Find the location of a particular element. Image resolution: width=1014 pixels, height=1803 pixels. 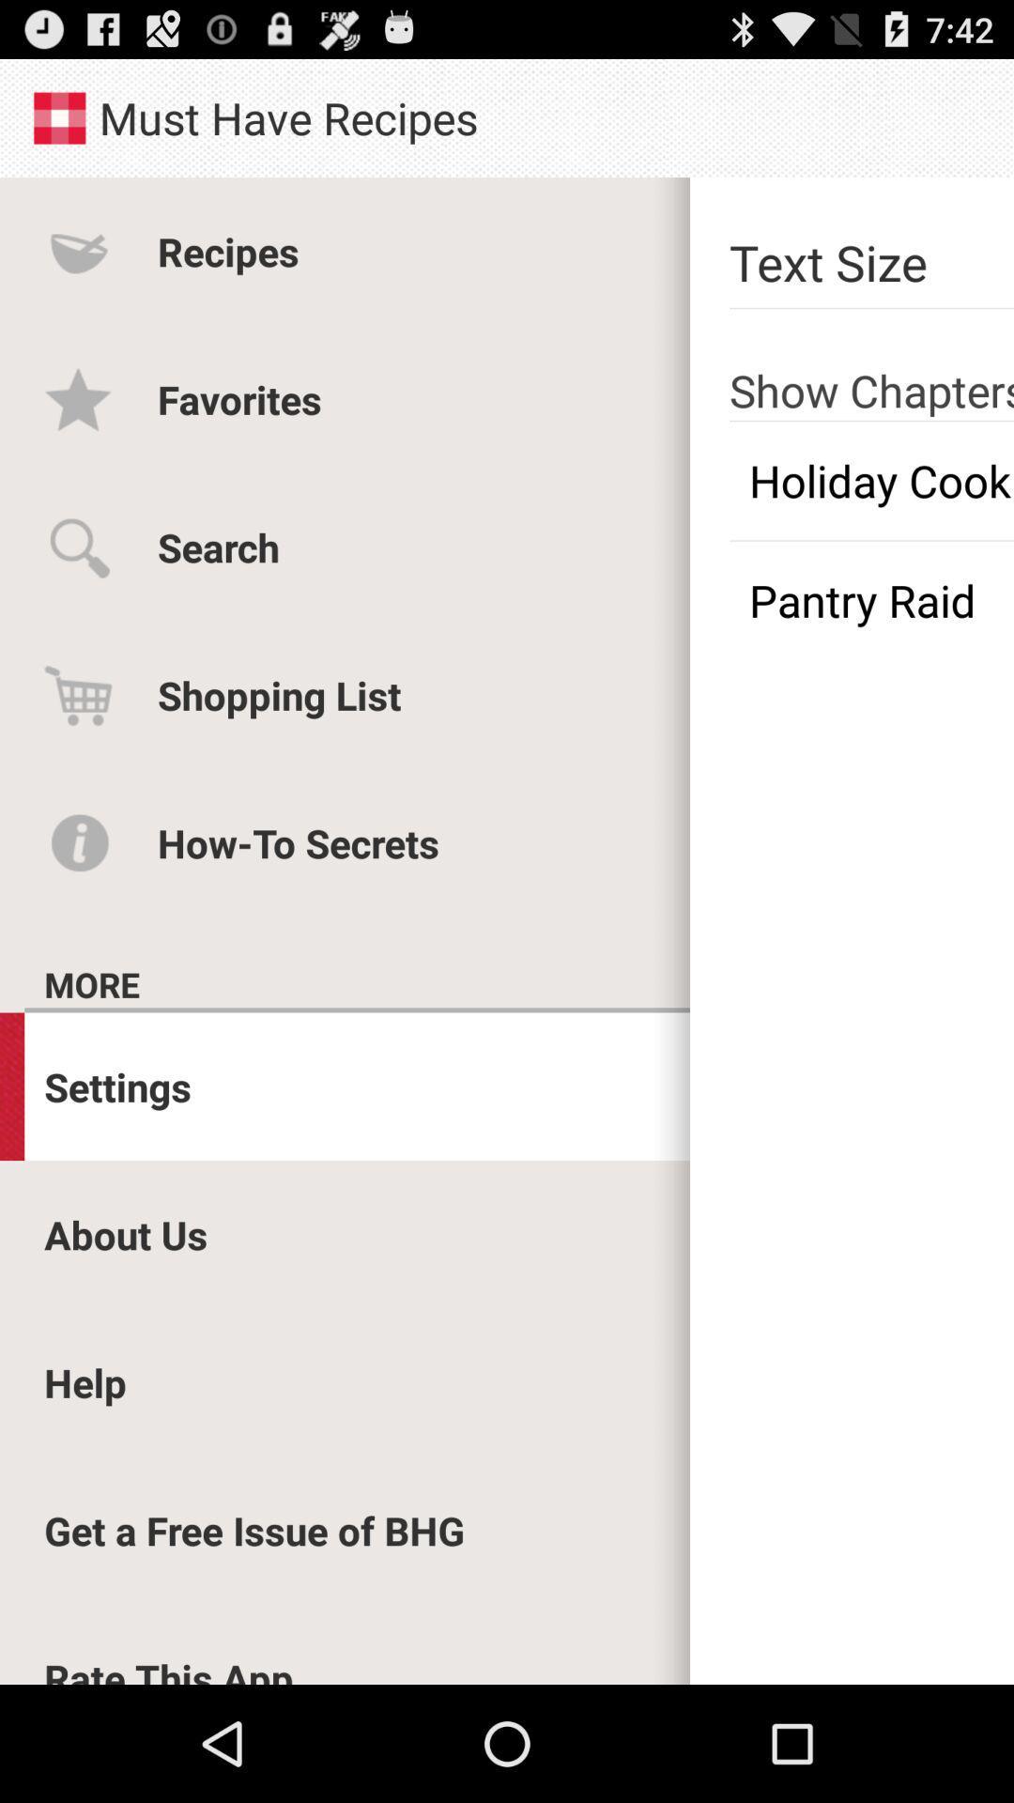

item below holiday cooking icon is located at coordinates (871, 599).